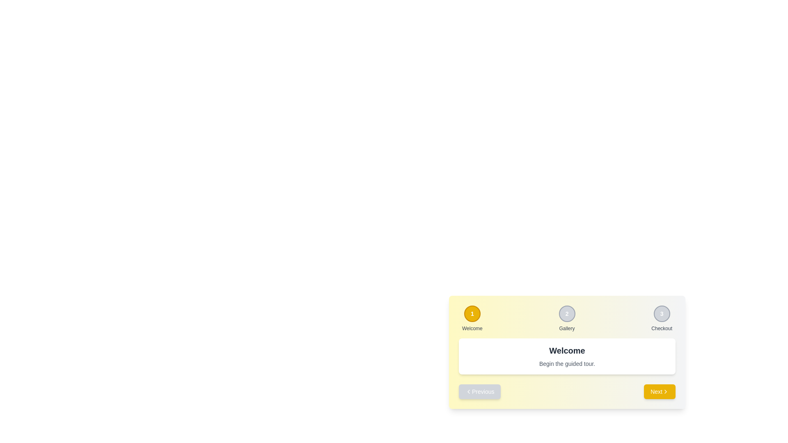  I want to click on the right-facing chevron icon embedded within the 'Next' button, so click(666, 391).